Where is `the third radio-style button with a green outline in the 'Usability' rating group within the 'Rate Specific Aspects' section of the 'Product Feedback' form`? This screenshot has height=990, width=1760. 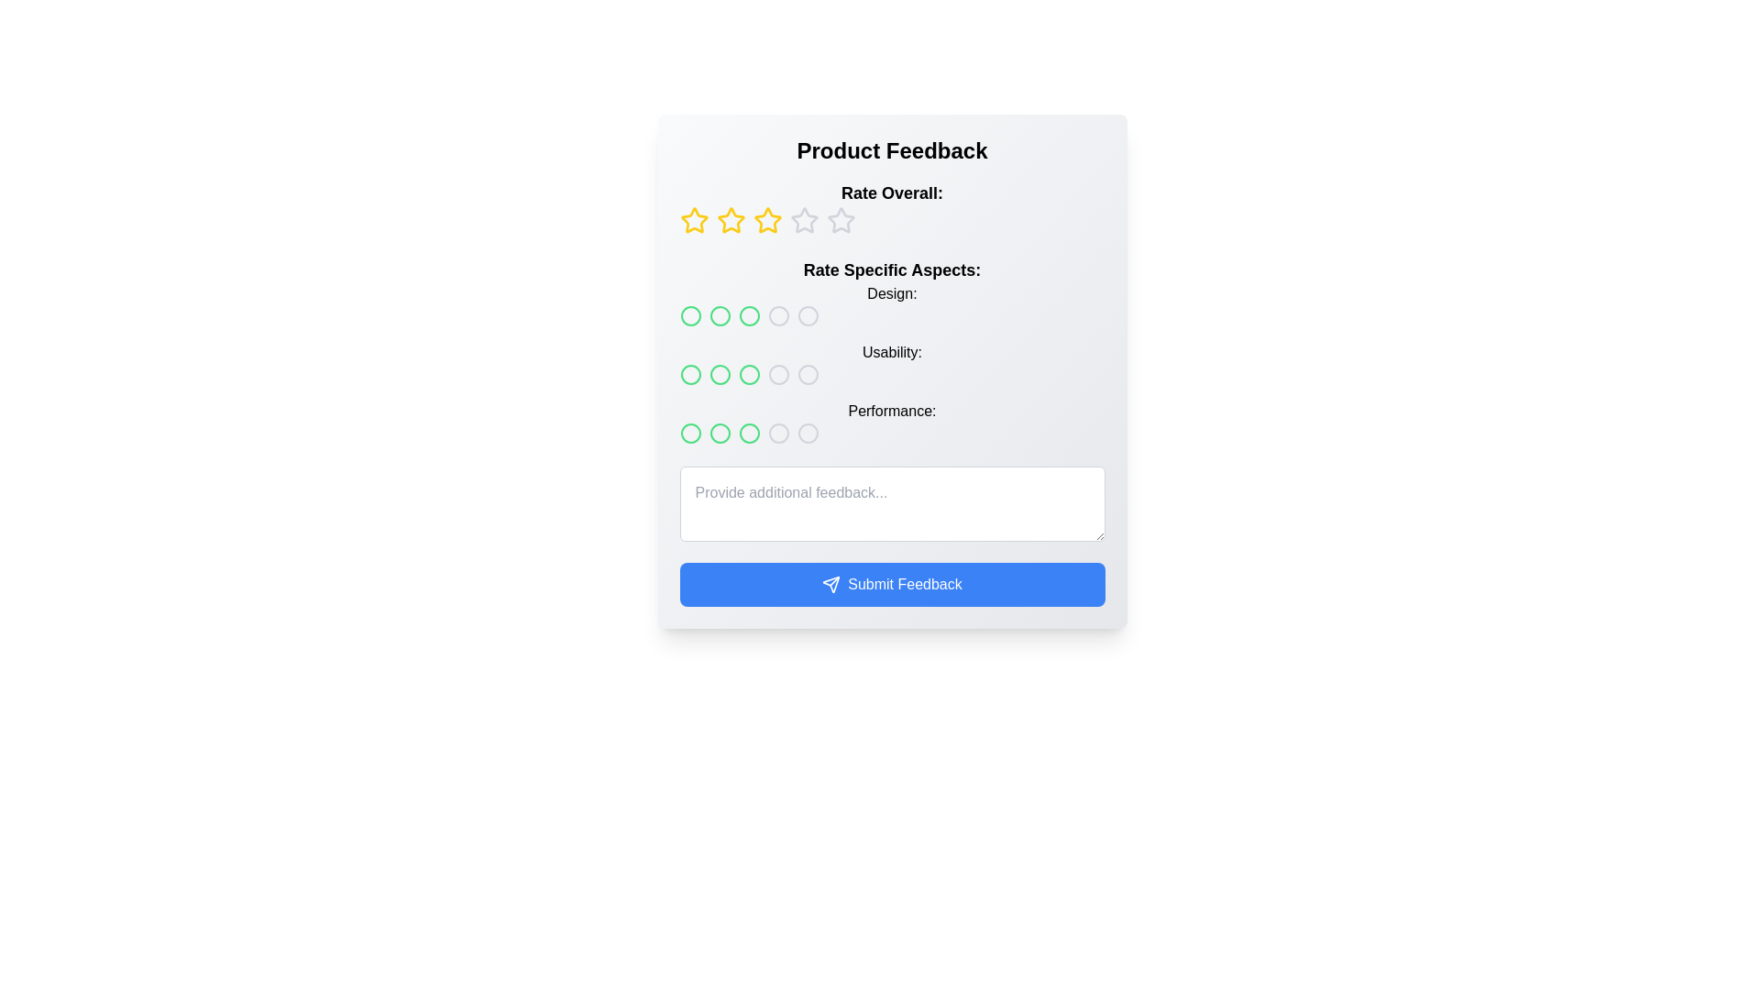 the third radio-style button with a green outline in the 'Usability' rating group within the 'Rate Specific Aspects' section of the 'Product Feedback' form is located at coordinates (719, 373).